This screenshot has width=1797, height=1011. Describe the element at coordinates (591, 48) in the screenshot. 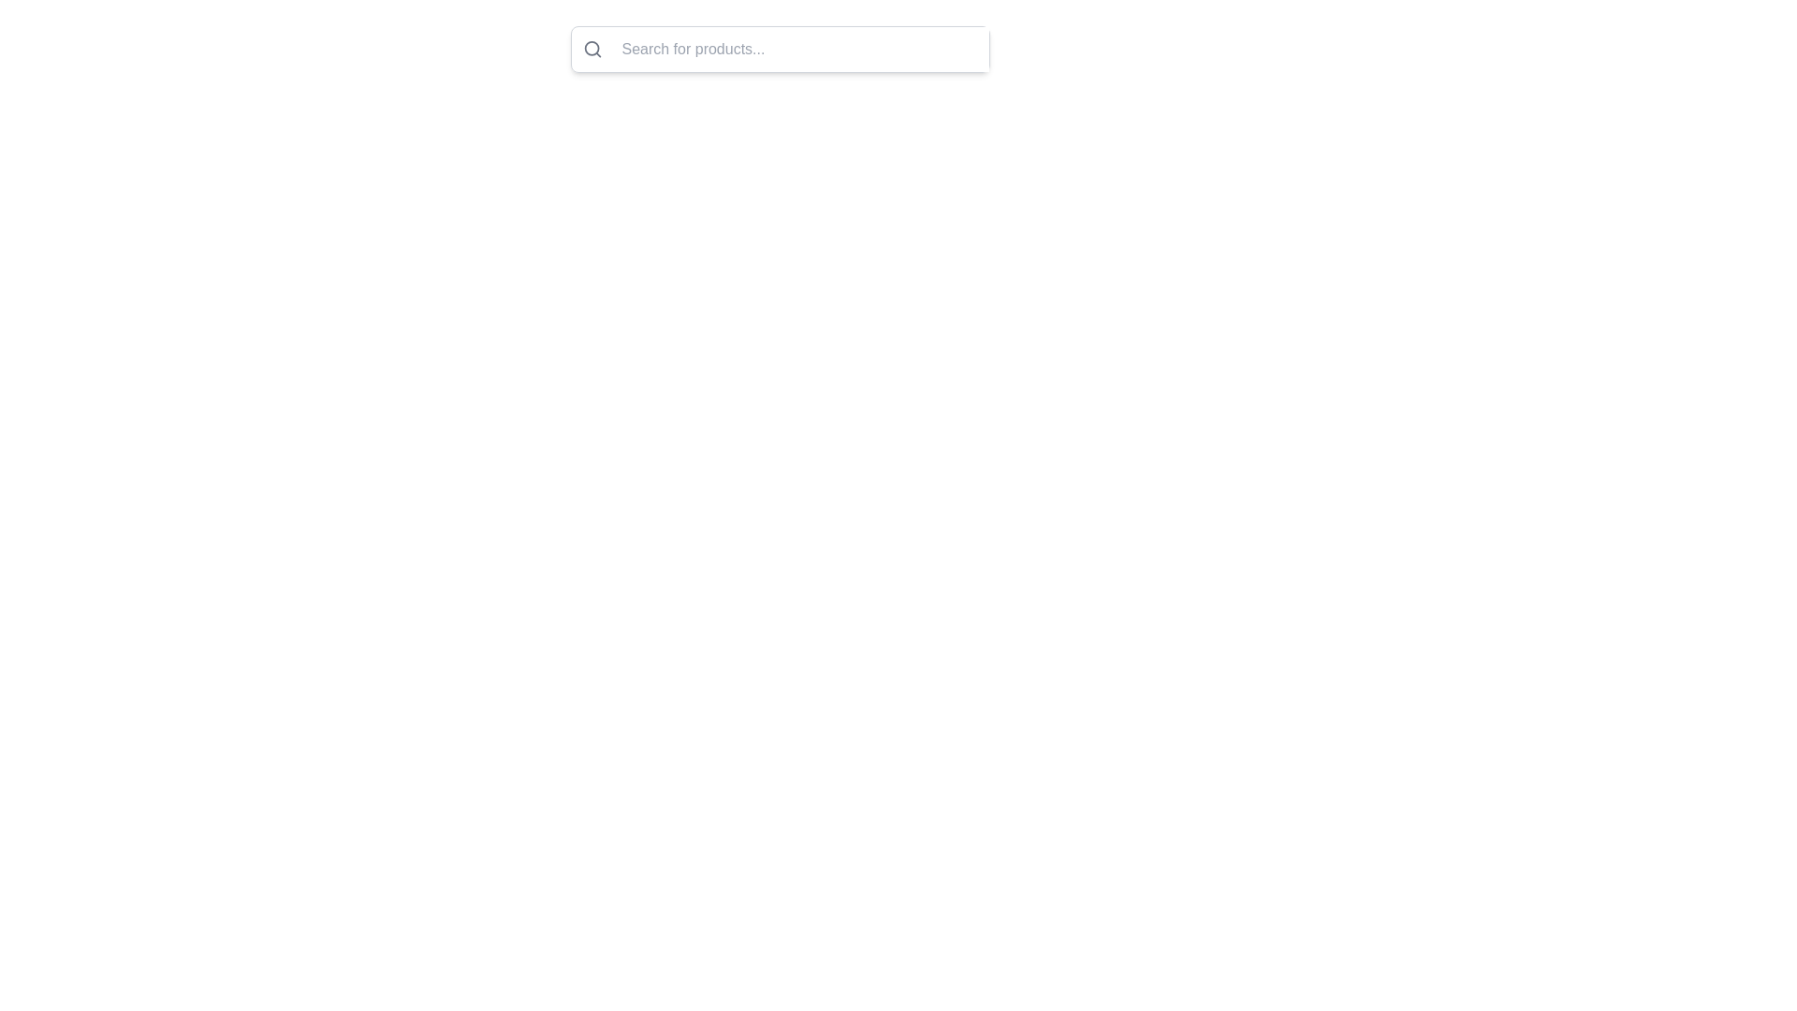

I see `the decorative graphical element that resembles a search icon's magnifying glass head, located at the top-center of the interface within the left section of the horizontal search bar` at that location.